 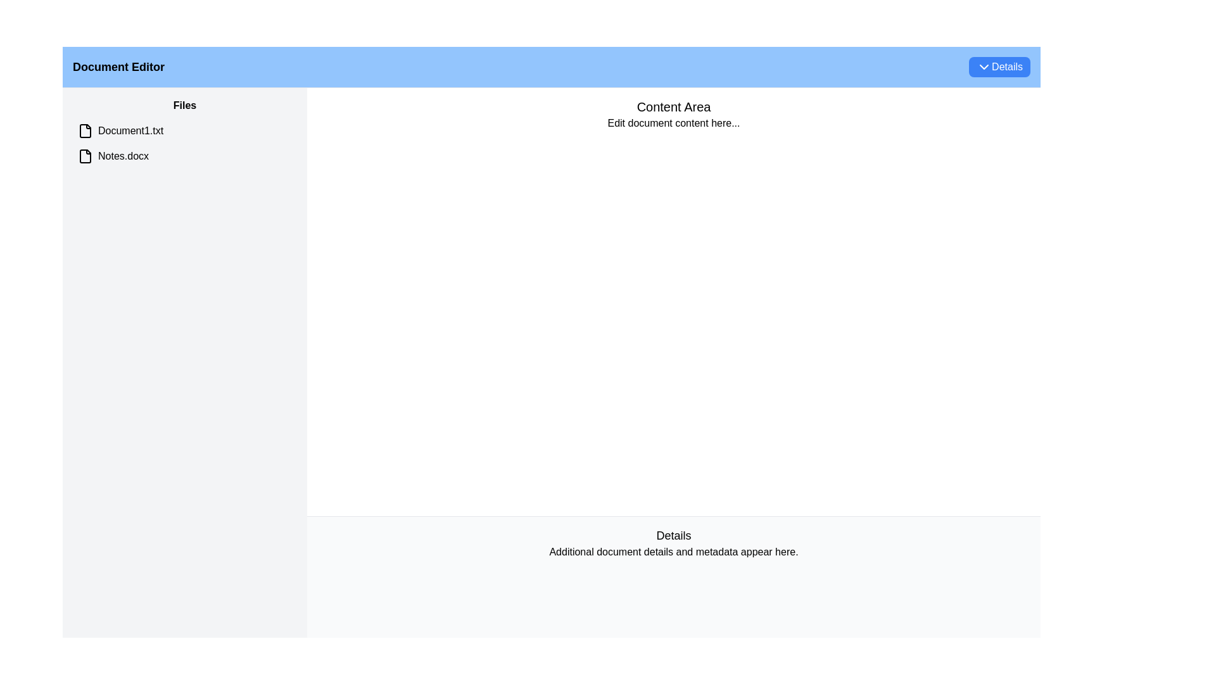 I want to click on the static text label located in the 'Details' section, which provides information or metadata about a document, so click(x=673, y=551).